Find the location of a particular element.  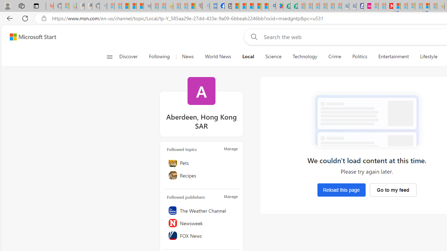

'Combat Siege' is located at coordinates (147, 6).